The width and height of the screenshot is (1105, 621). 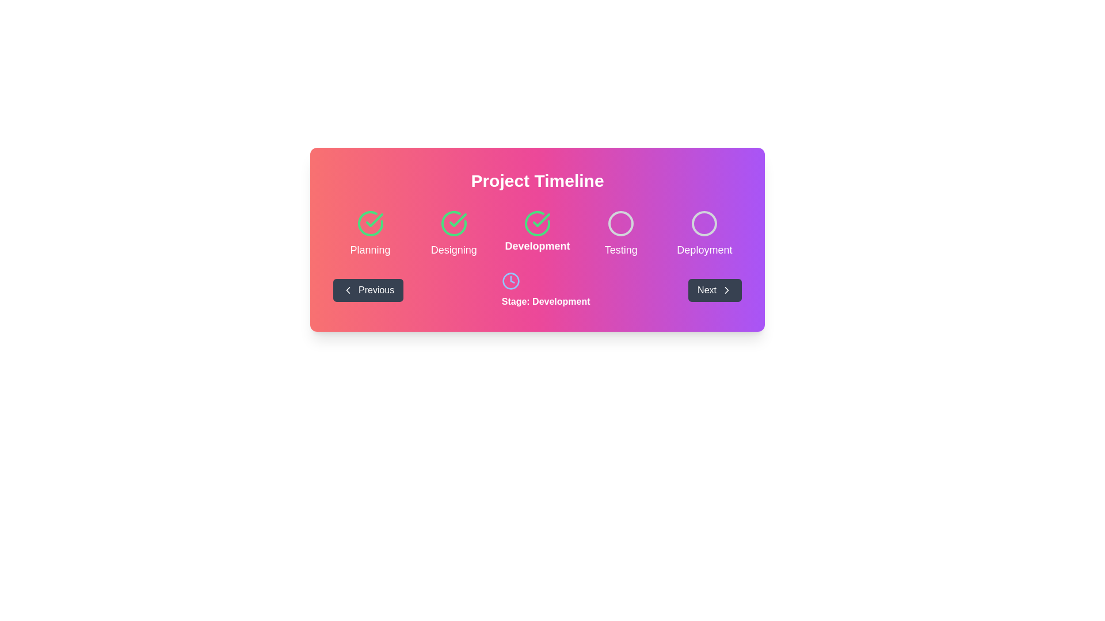 I want to click on the graphical icon component within the SVG that indicates the state of completion for the 'Planning' stage, so click(x=370, y=224).